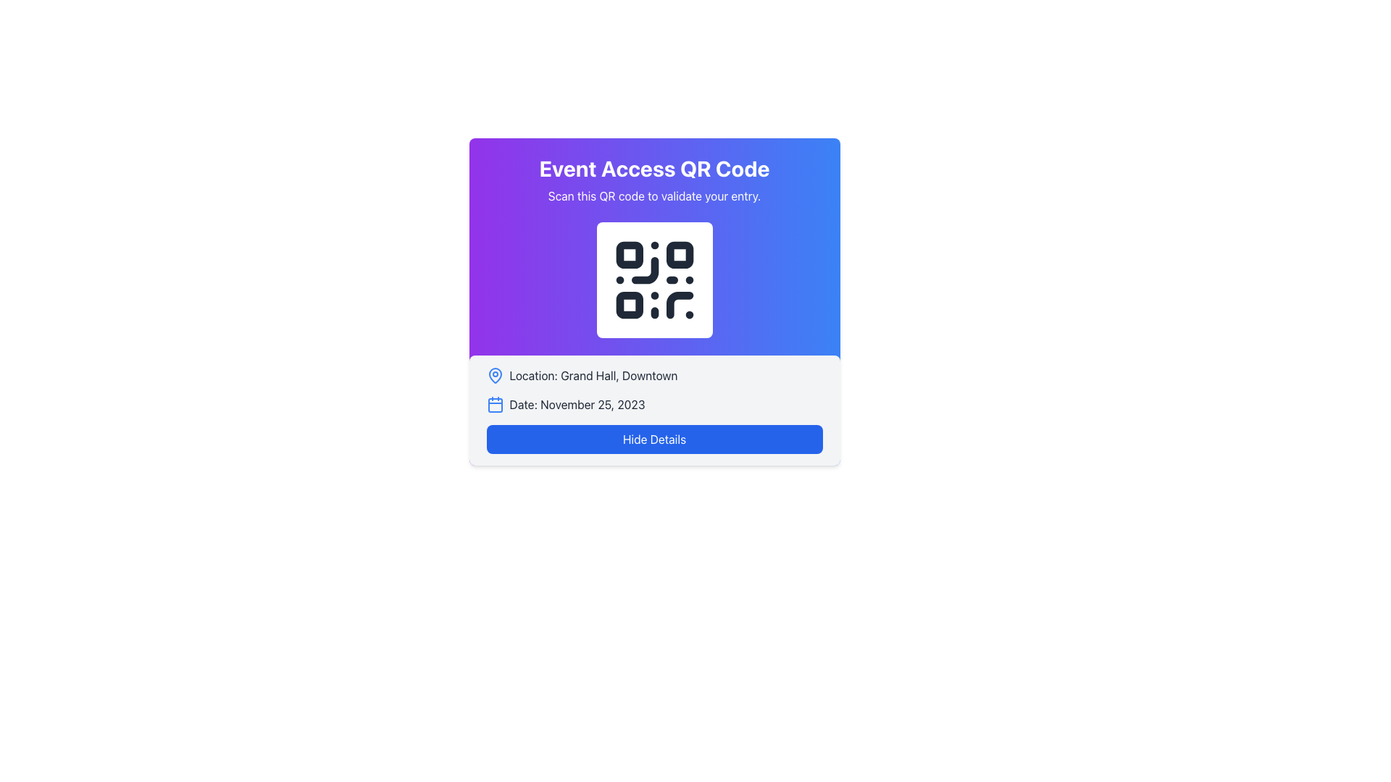 Image resolution: width=1391 pixels, height=782 pixels. What do you see at coordinates (495, 405) in the screenshot?
I see `the central rectangular shape inside the calendar icon, which is located to the left of the textual label 'Date: November 25, 2023'` at bounding box center [495, 405].